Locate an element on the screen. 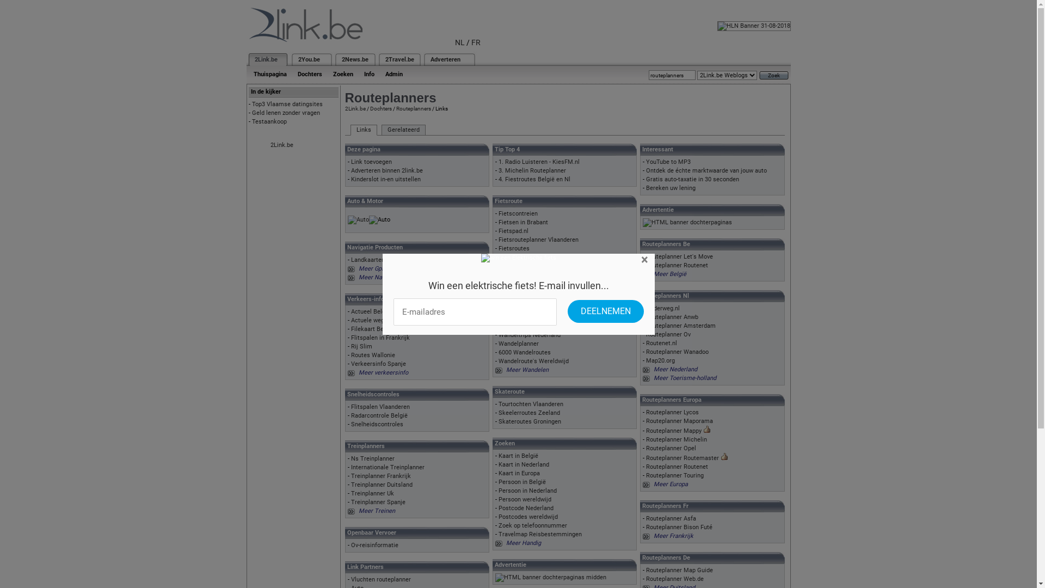 The height and width of the screenshot is (588, 1045). 'Treinplanner Duitsland' is located at coordinates (381, 484).